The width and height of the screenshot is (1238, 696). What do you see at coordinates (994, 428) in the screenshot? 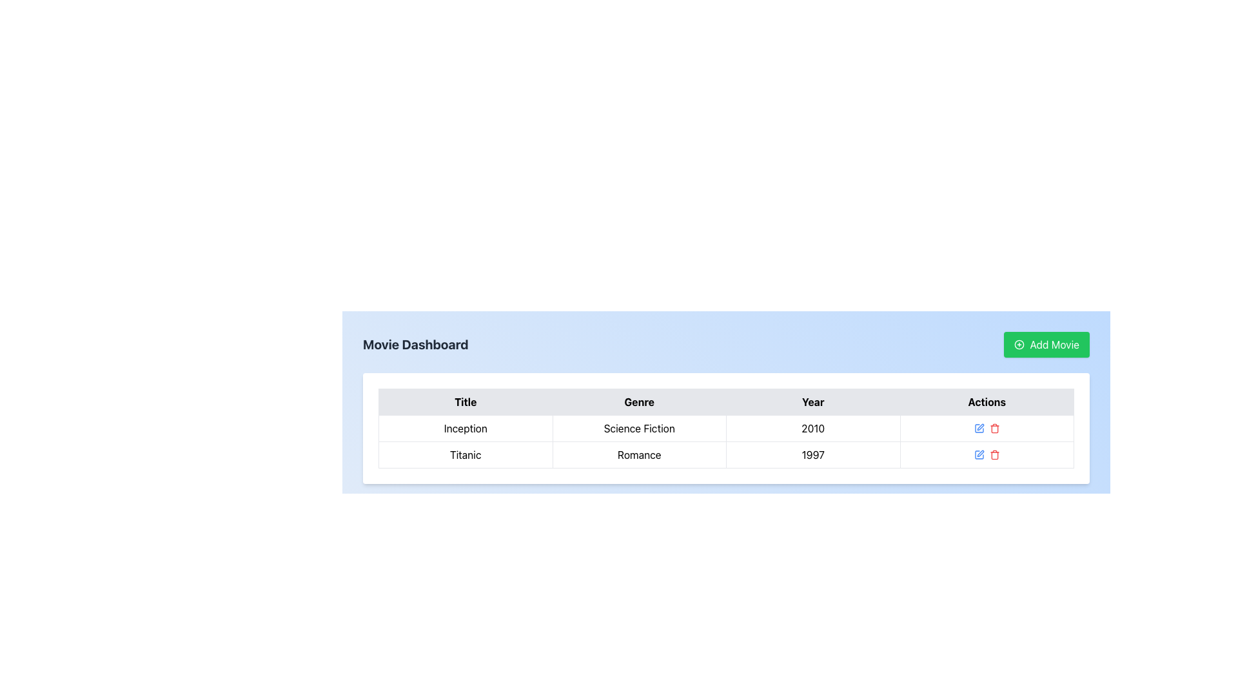
I see `the red trash can icon in the Actions column of the table for the Titanic movie entry to enhance accessibility navigation` at bounding box center [994, 428].